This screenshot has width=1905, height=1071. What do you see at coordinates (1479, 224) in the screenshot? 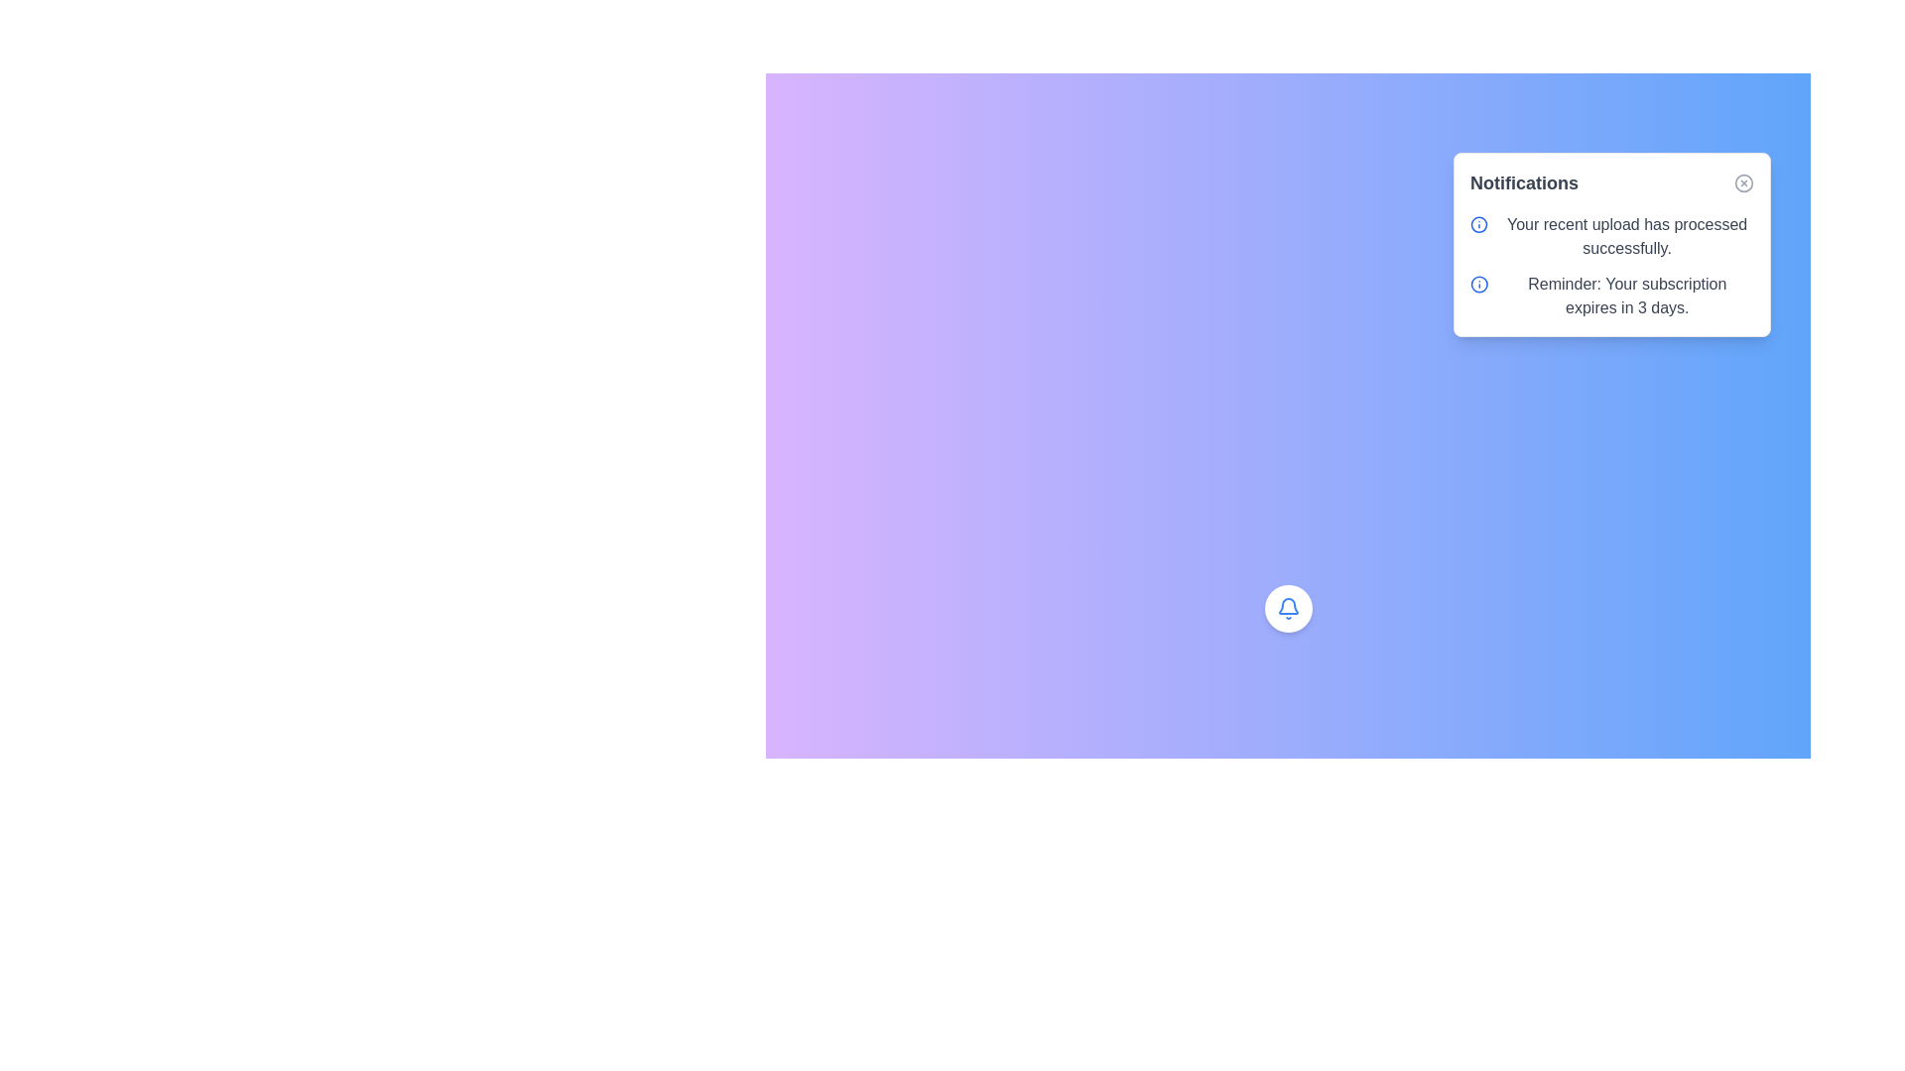
I see `the notification icon that indicates a status update for the message 'Your recent upload has processed successfully.'` at bounding box center [1479, 224].